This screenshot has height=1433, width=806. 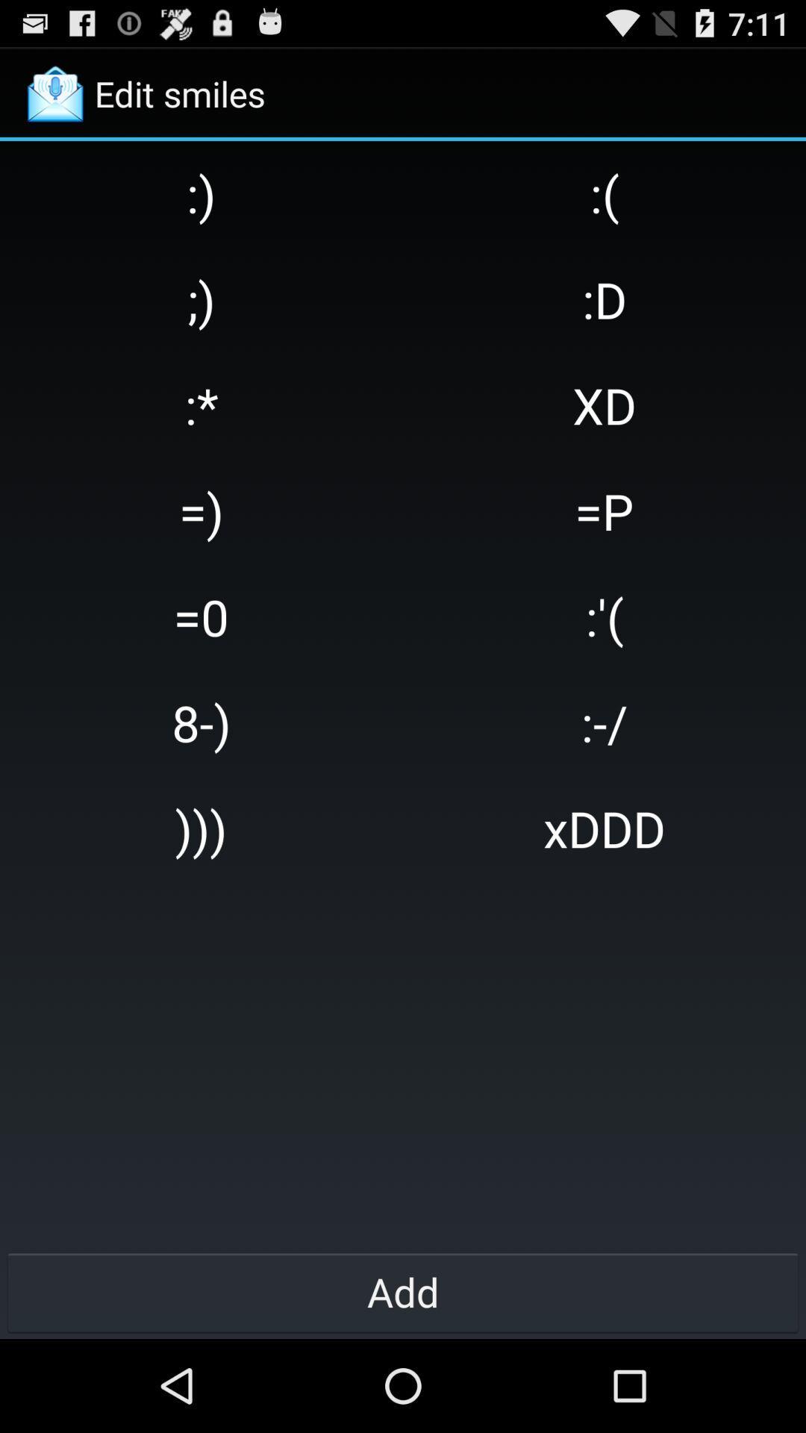 What do you see at coordinates (403, 1291) in the screenshot?
I see `add at the bottom` at bounding box center [403, 1291].